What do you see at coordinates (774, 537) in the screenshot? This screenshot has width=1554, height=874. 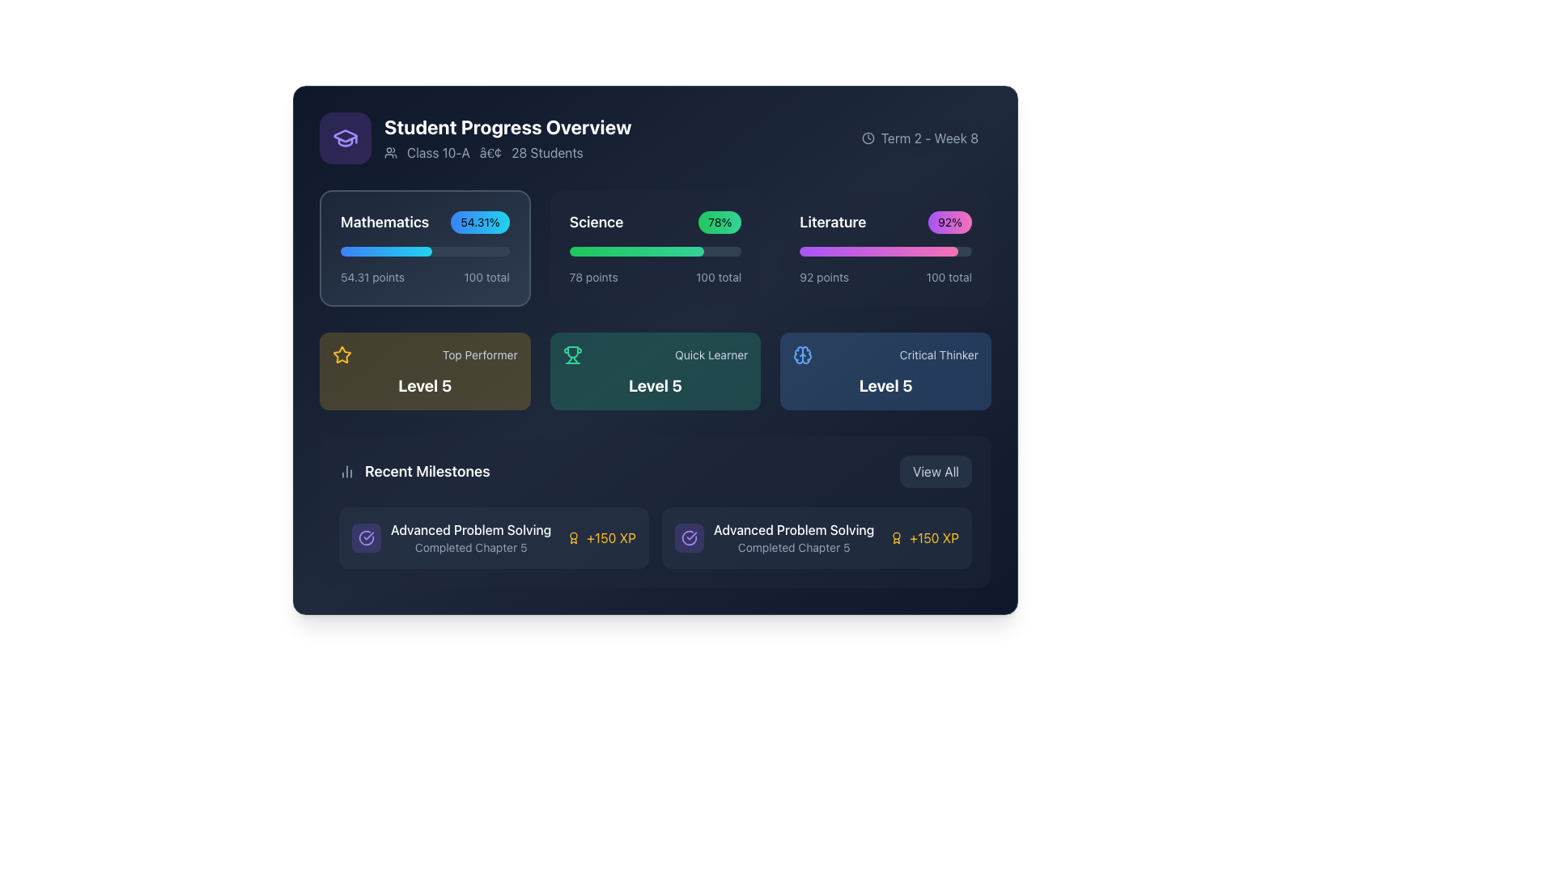 I see `the informational card displaying the milestone 'Advanced Problem Solving' with the subtitle 'Completed Chapter 5' in the 'Recent Milestones' section` at bounding box center [774, 537].